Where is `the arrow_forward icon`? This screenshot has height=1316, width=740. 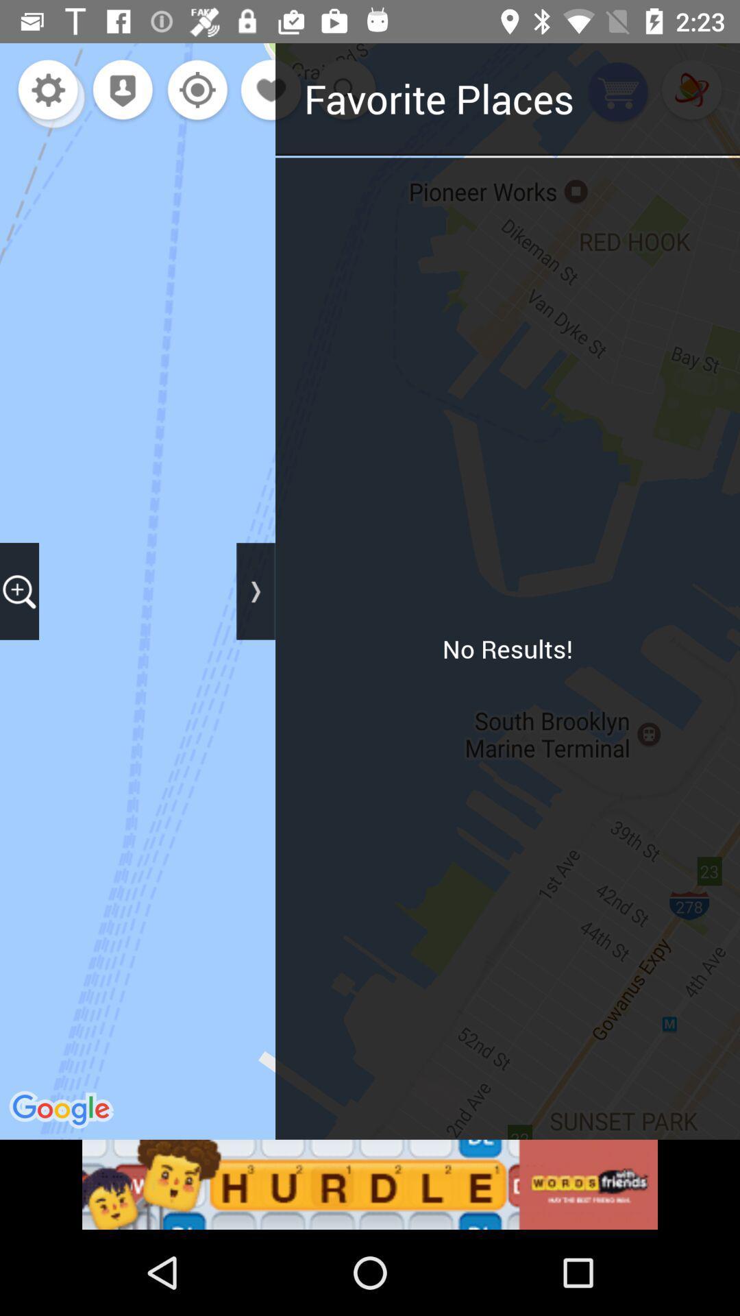
the arrow_forward icon is located at coordinates (256, 591).